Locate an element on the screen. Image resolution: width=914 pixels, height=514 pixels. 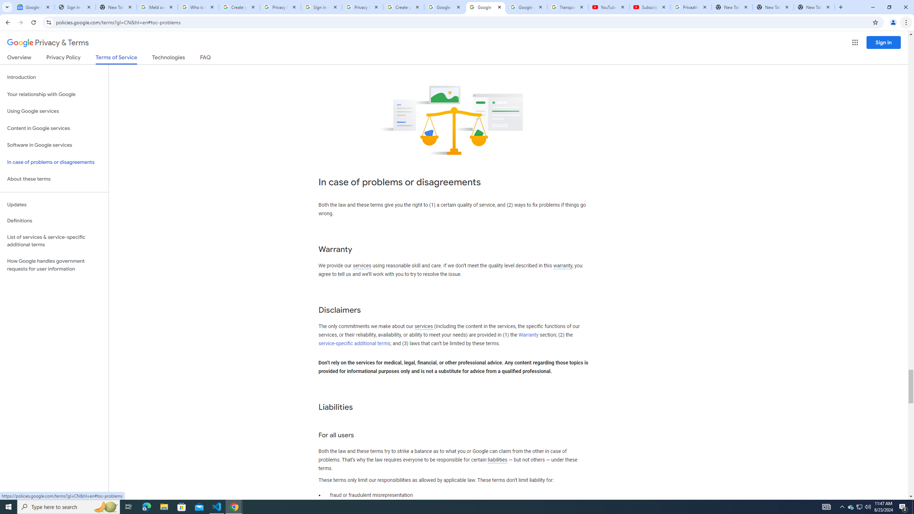
'New Tab' is located at coordinates (814, 7).